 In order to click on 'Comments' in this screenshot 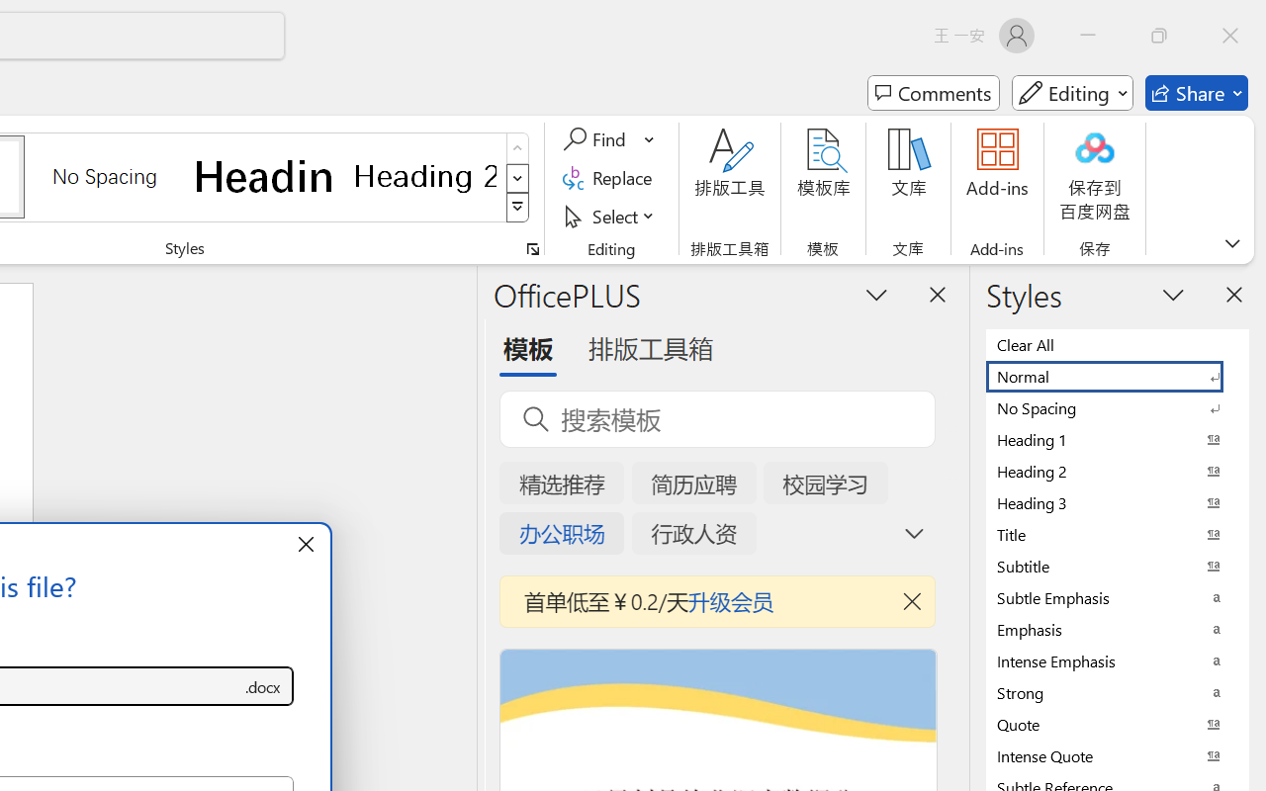, I will do `click(933, 93)`.